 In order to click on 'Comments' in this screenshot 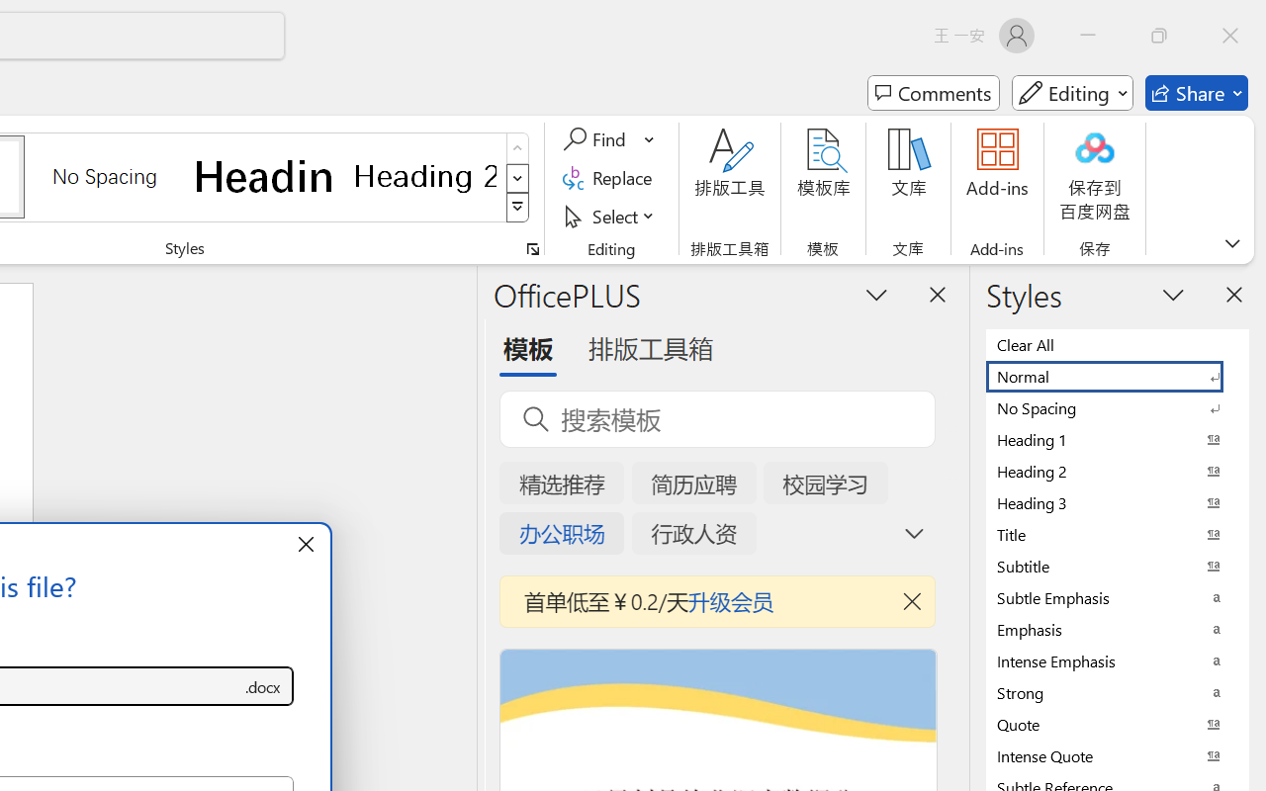, I will do `click(933, 93)`.